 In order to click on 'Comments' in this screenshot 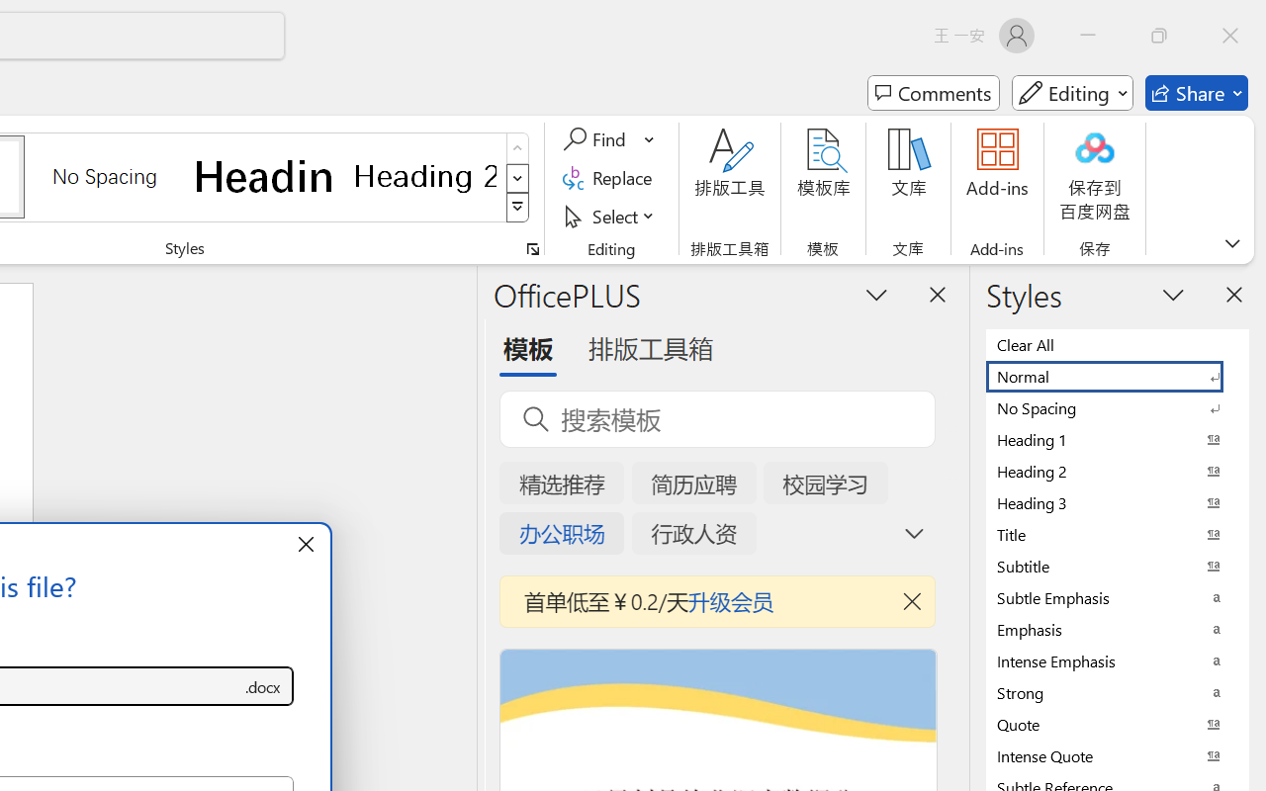, I will do `click(933, 93)`.